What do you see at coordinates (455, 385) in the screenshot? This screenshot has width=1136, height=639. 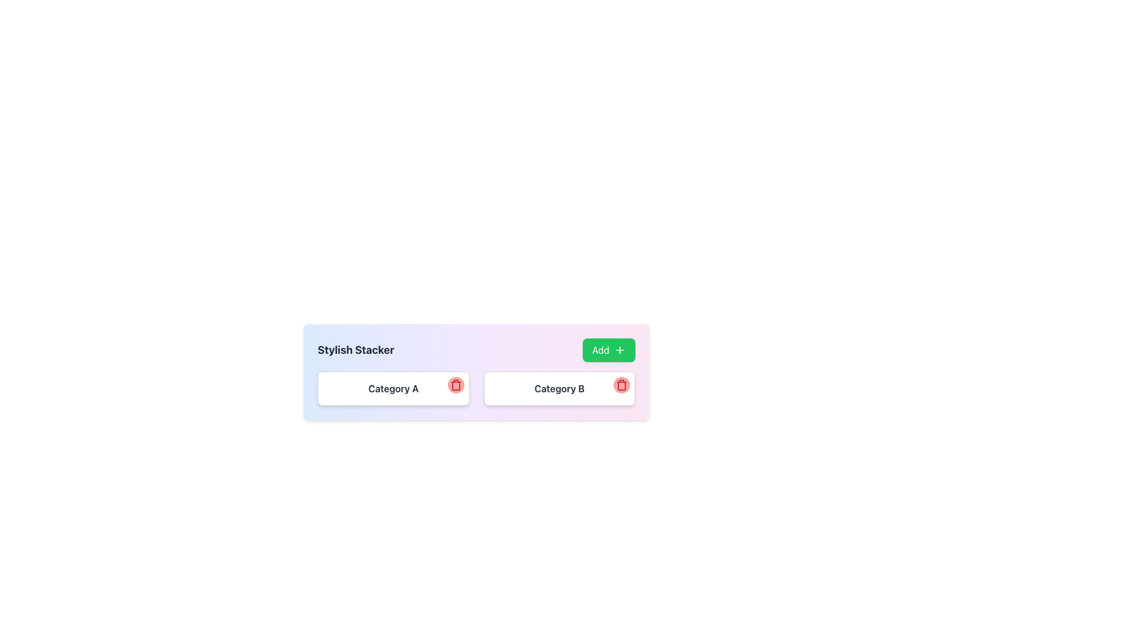 I see `the delete button located in the top-right corner of the card labeled 'Category A'` at bounding box center [455, 385].